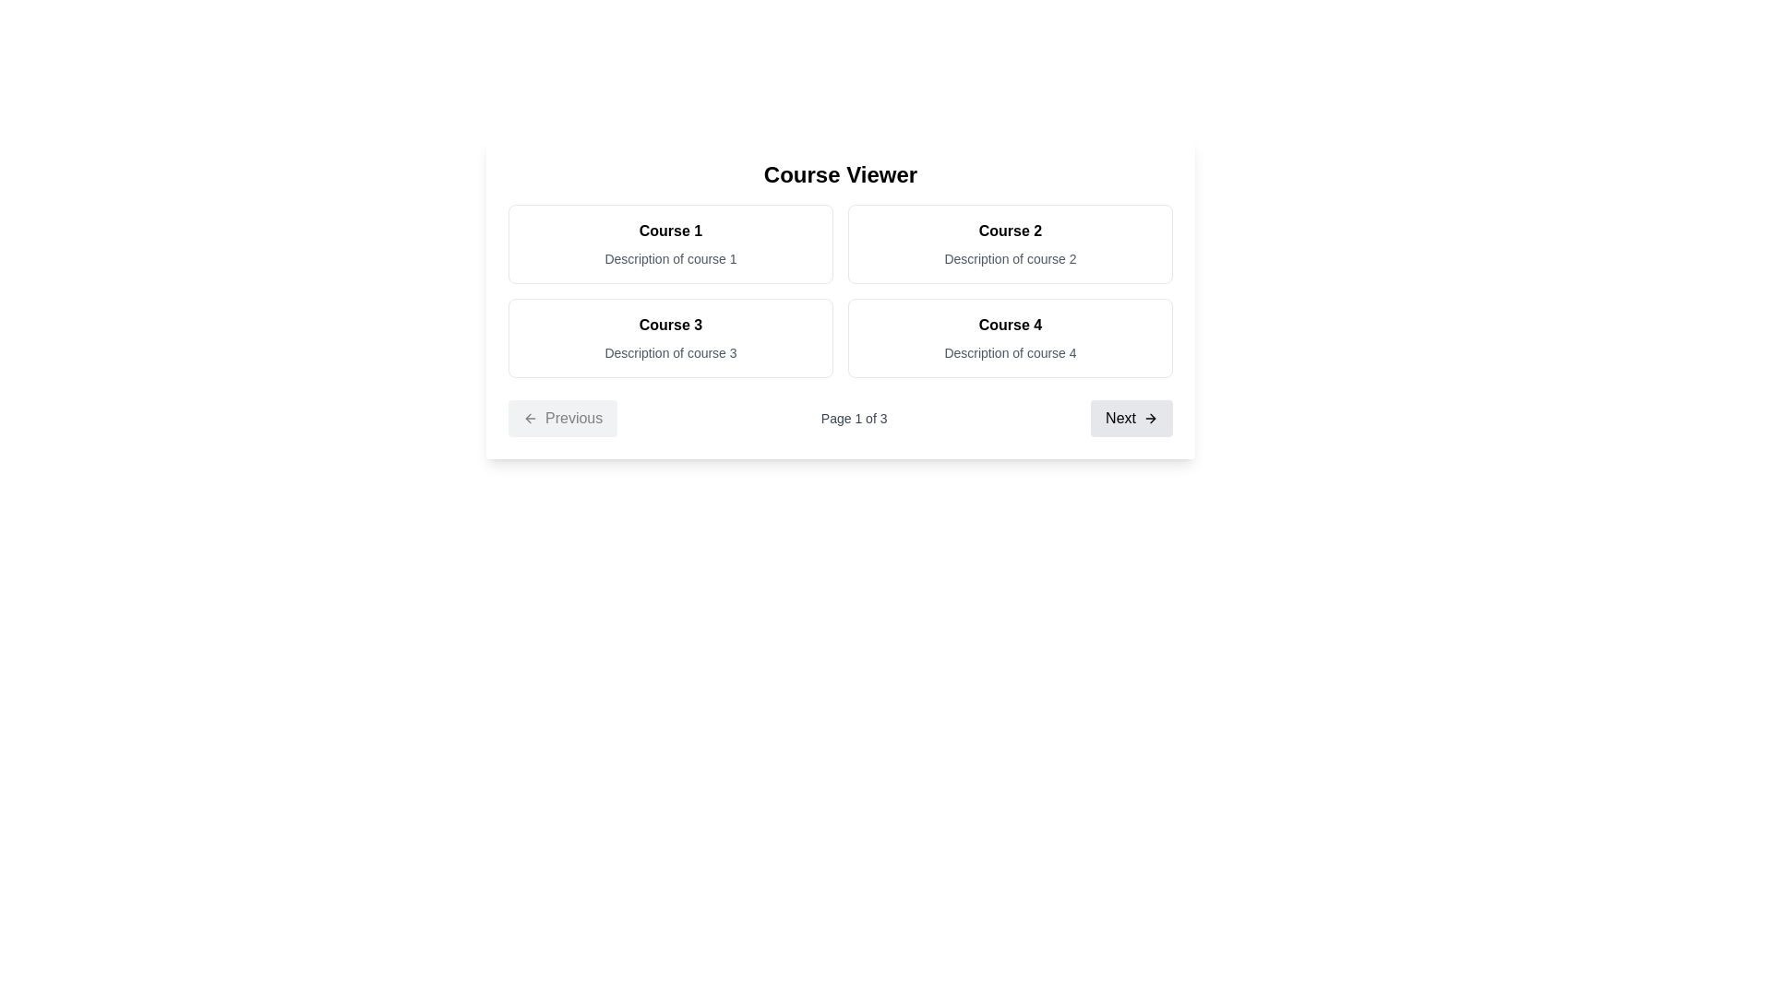 The height and width of the screenshot is (996, 1772). I want to click on the static text label that indicates the current page number in the pagination bar, located centrally between the 'Previous' and 'Next' buttons, so click(853, 419).